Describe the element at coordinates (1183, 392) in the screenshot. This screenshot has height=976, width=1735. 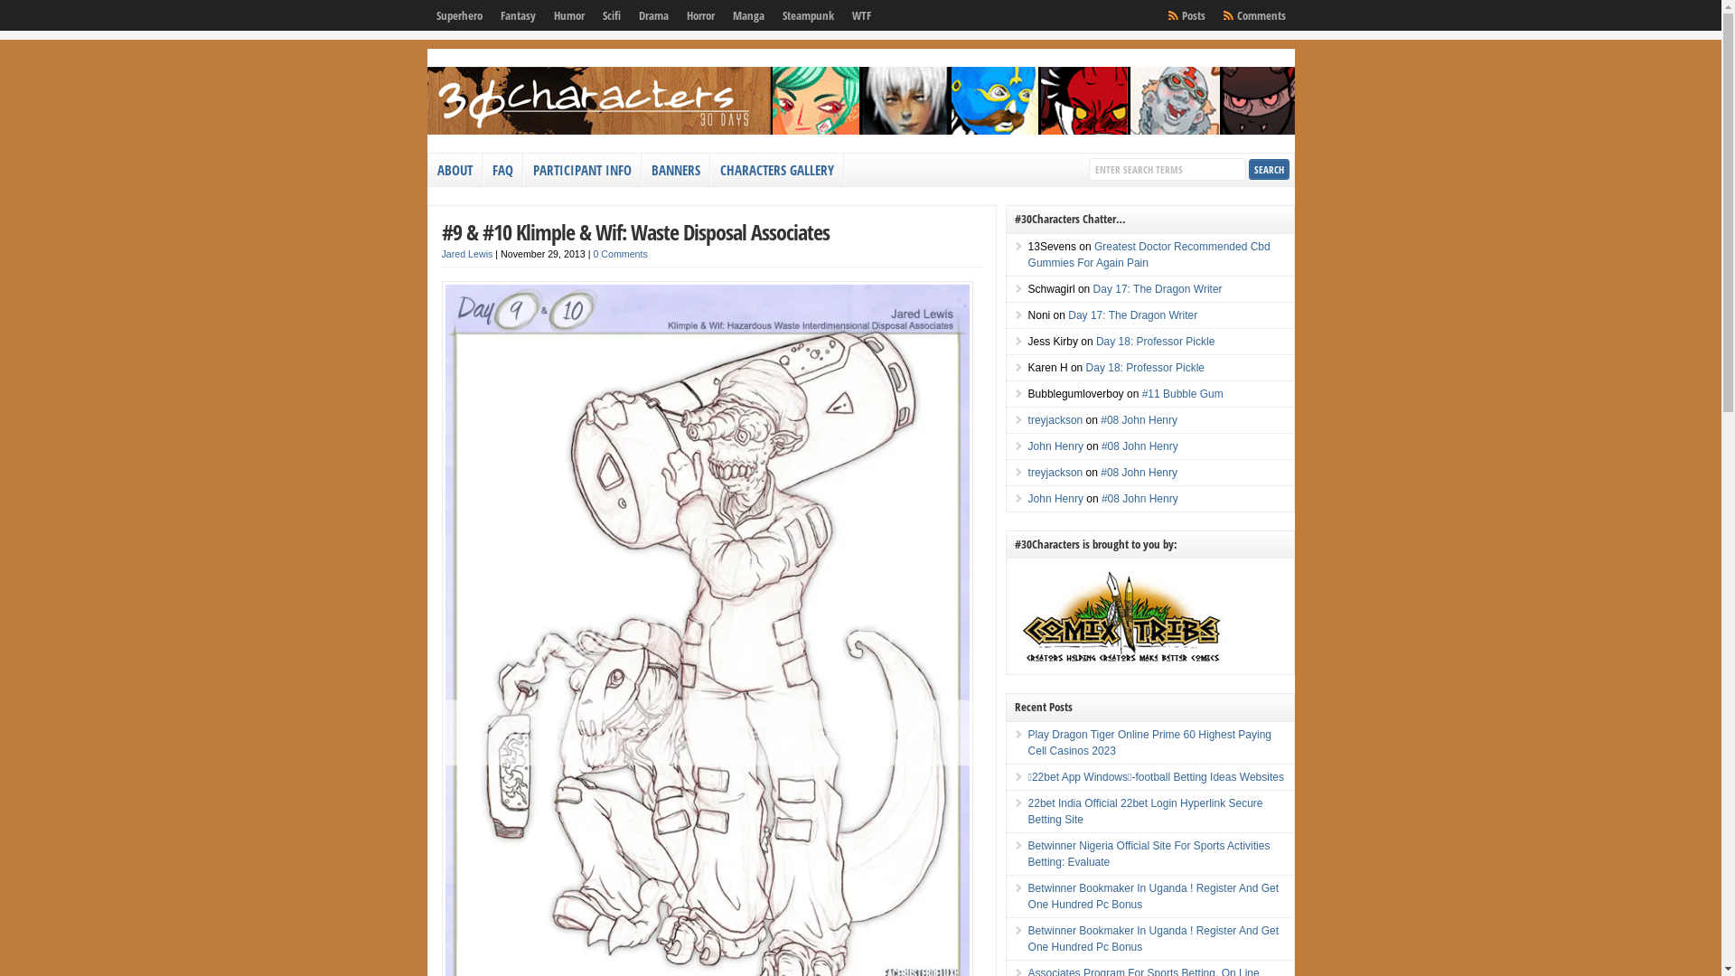
I see `'#11 Bubble Gum'` at that location.